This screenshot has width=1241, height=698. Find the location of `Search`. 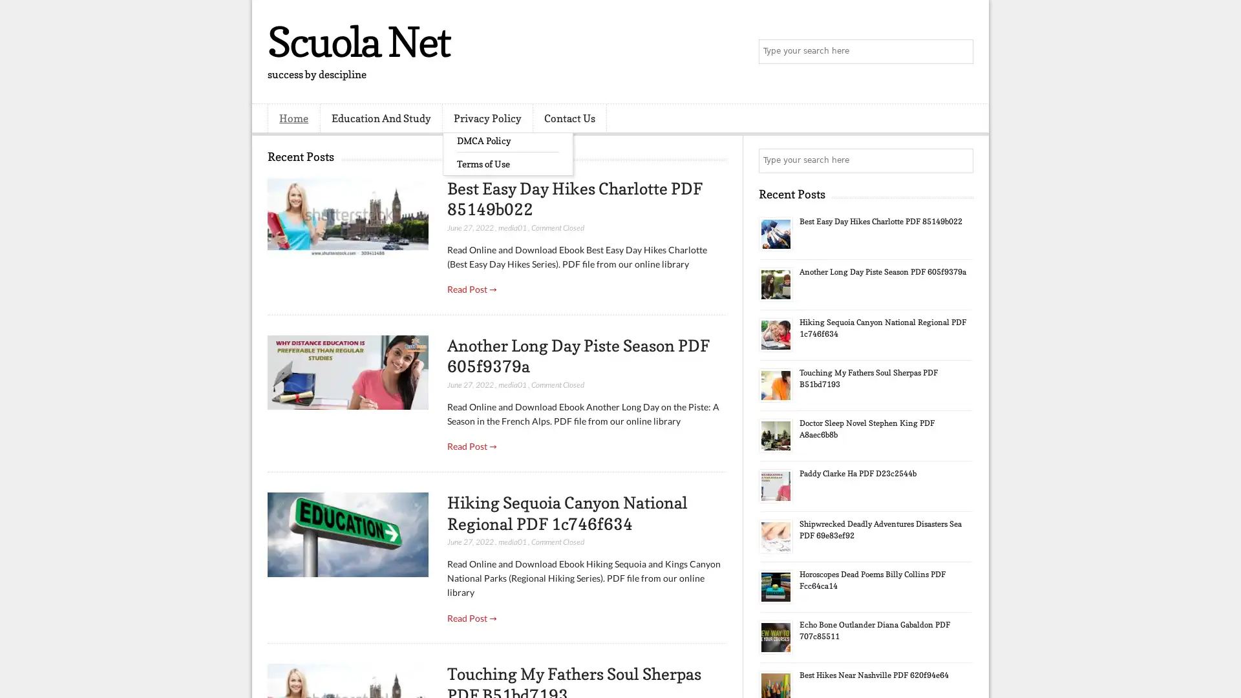

Search is located at coordinates (960, 160).